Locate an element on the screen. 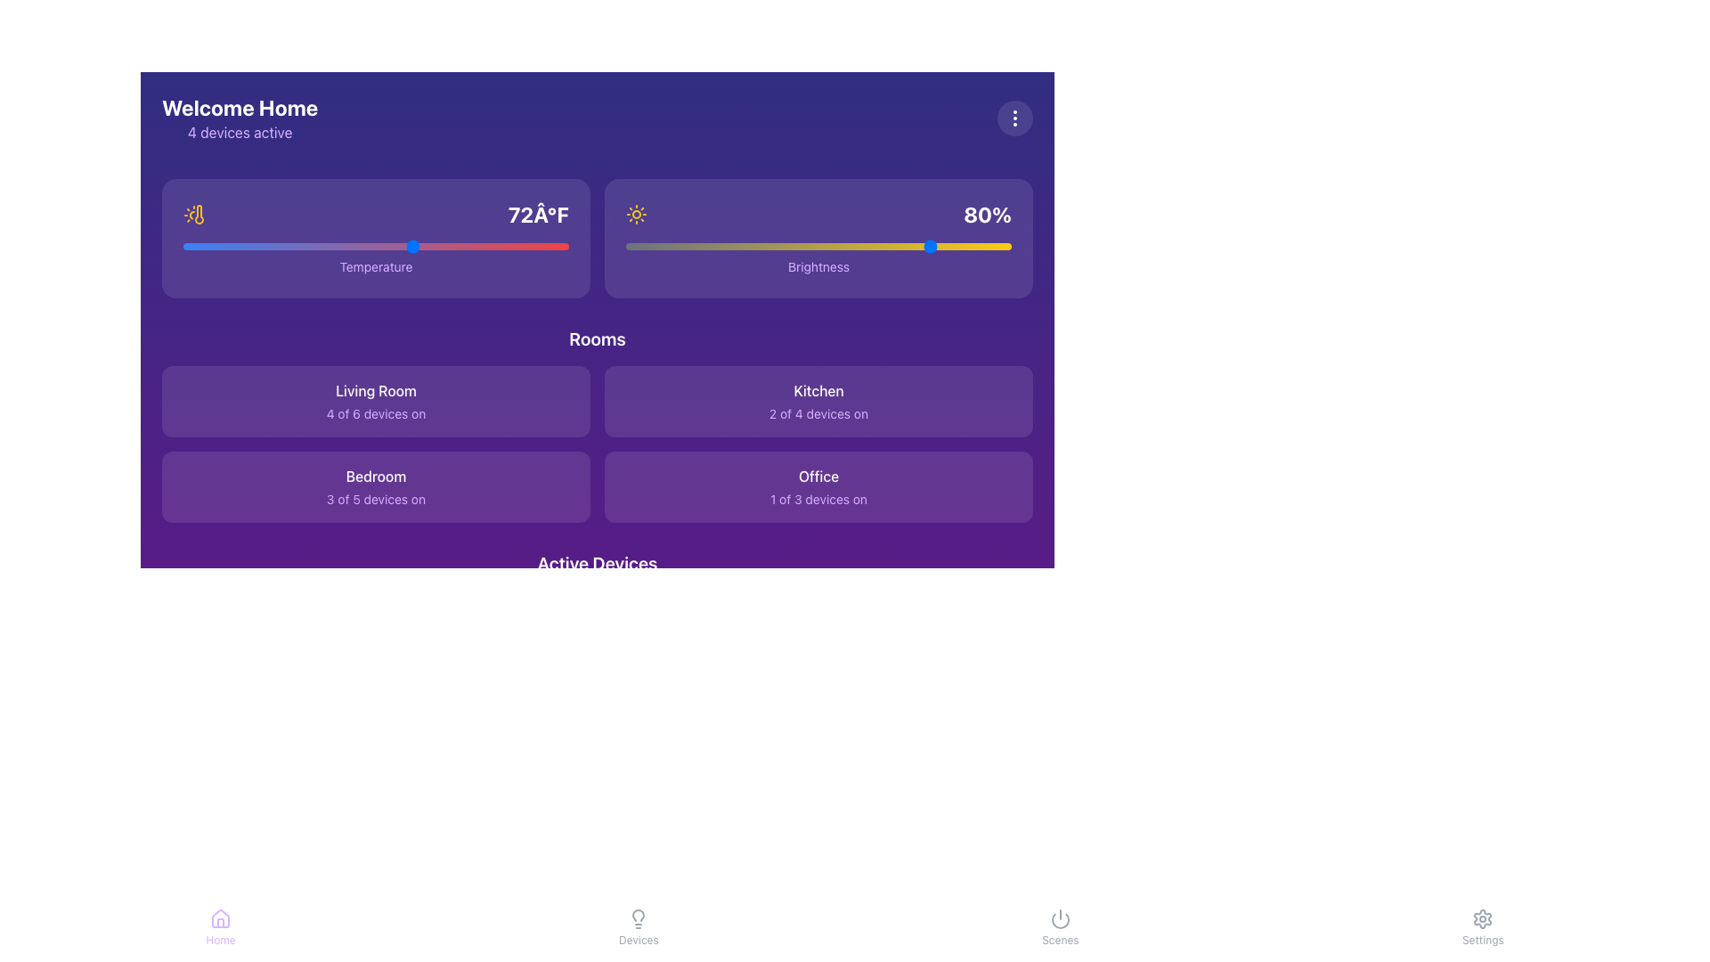 The width and height of the screenshot is (1710, 962). text label that displays 'Active Devices', which is styled in an extra-large bold font and located in the purple section at the bottom of the page is located at coordinates (598, 563).